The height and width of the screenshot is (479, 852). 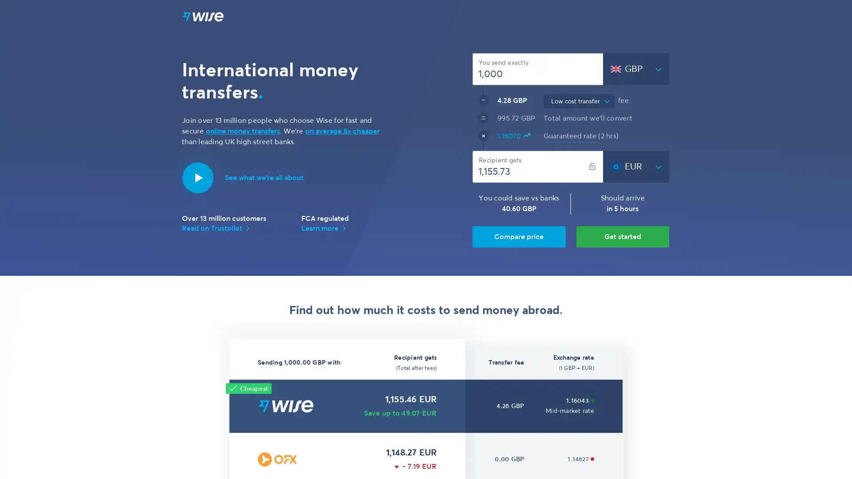 What do you see at coordinates (570, 136) in the screenshot?
I see `Guaranteed rate` at bounding box center [570, 136].